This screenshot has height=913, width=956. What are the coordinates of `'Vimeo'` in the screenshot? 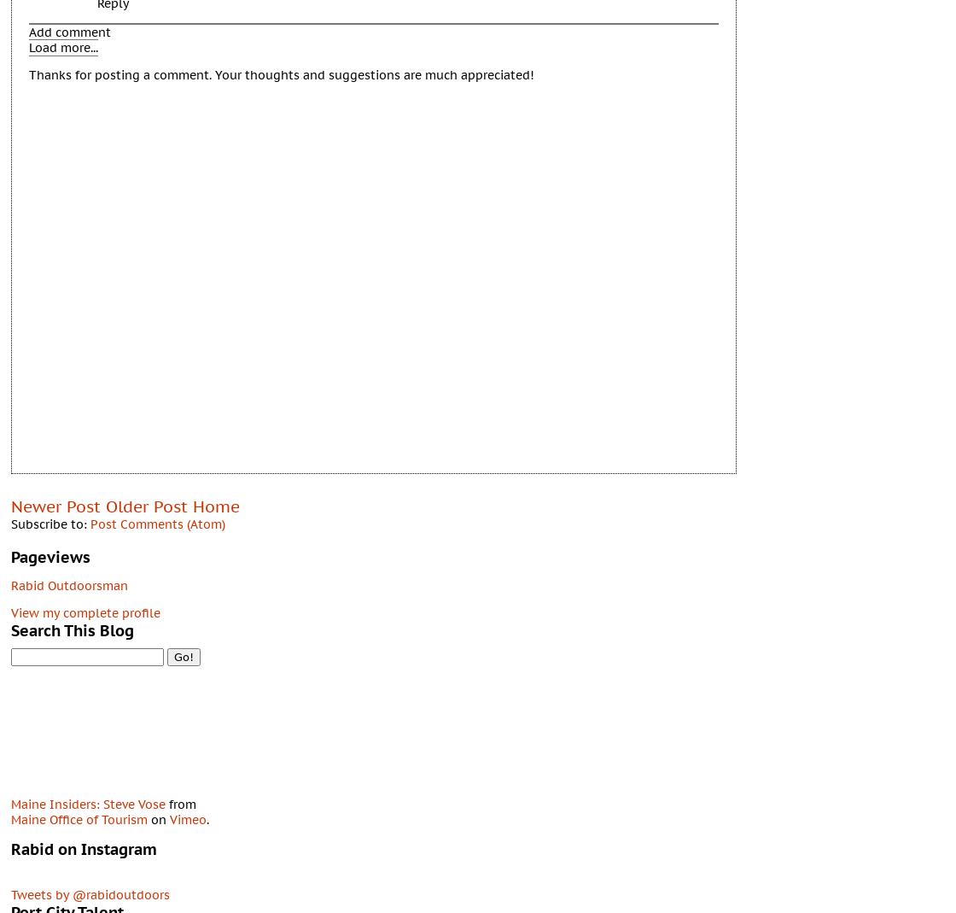 It's located at (188, 817).